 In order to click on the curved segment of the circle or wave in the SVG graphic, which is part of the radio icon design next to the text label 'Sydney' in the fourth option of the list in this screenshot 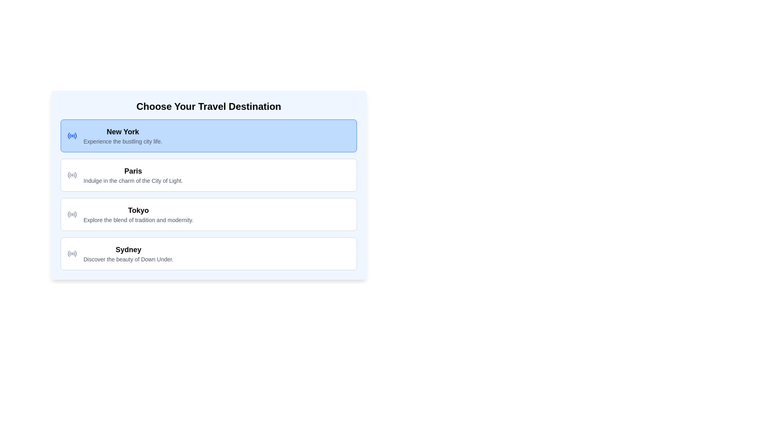, I will do `click(74, 254)`.